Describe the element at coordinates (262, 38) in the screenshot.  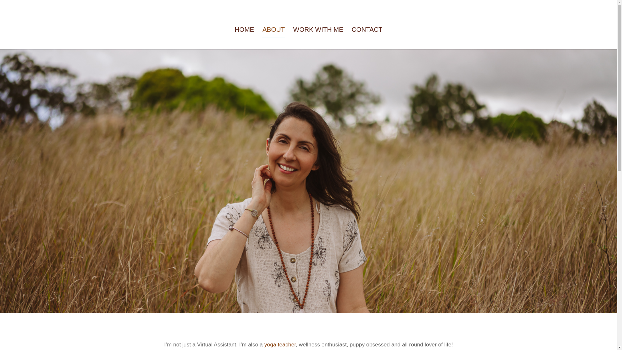
I see `'ABOUT'` at that location.